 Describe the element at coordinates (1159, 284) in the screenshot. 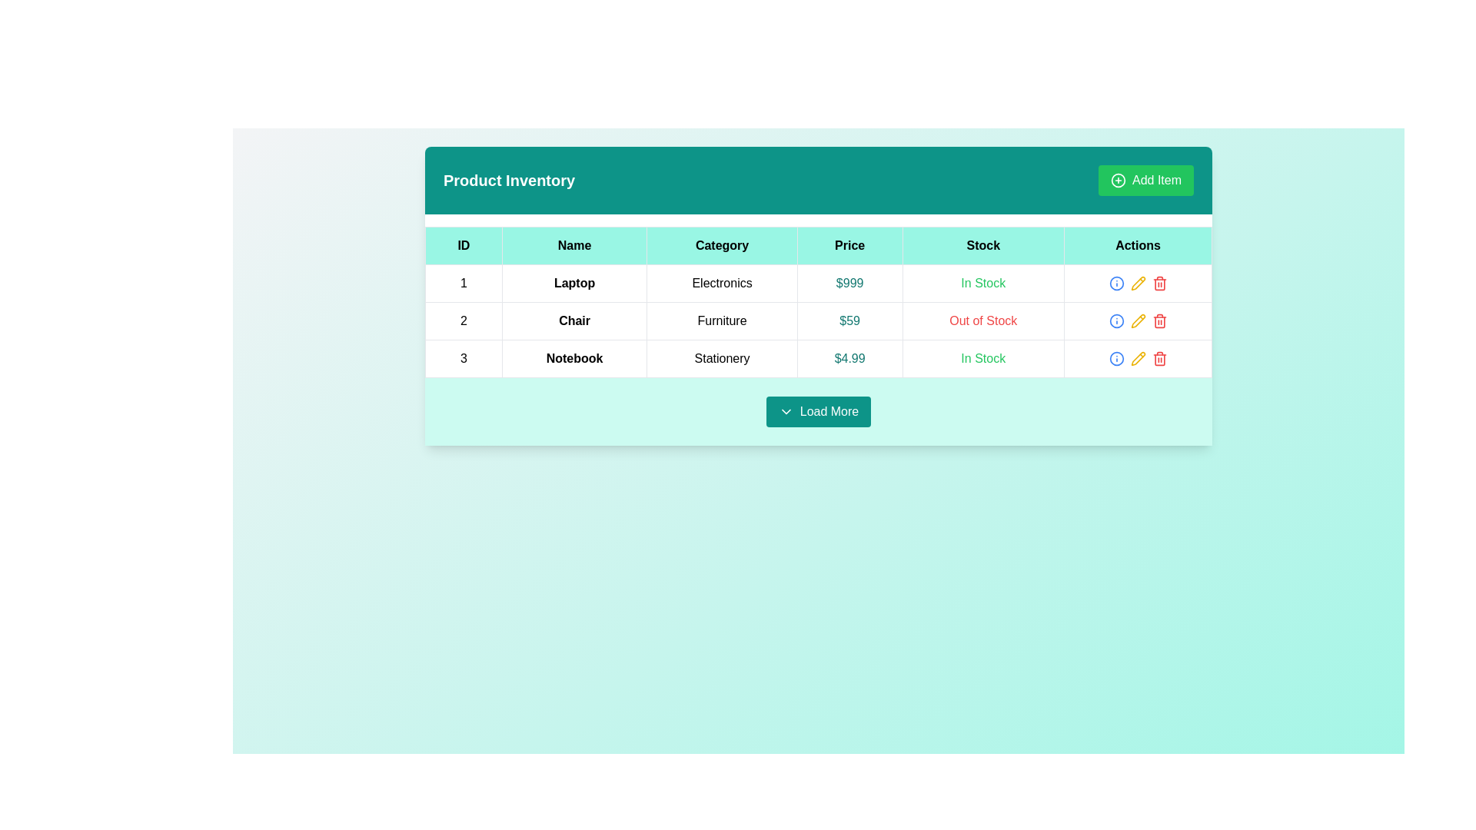

I see `the delete button icon located in the 'Actions' column of the last row in the data table to observe its hover effect` at that location.